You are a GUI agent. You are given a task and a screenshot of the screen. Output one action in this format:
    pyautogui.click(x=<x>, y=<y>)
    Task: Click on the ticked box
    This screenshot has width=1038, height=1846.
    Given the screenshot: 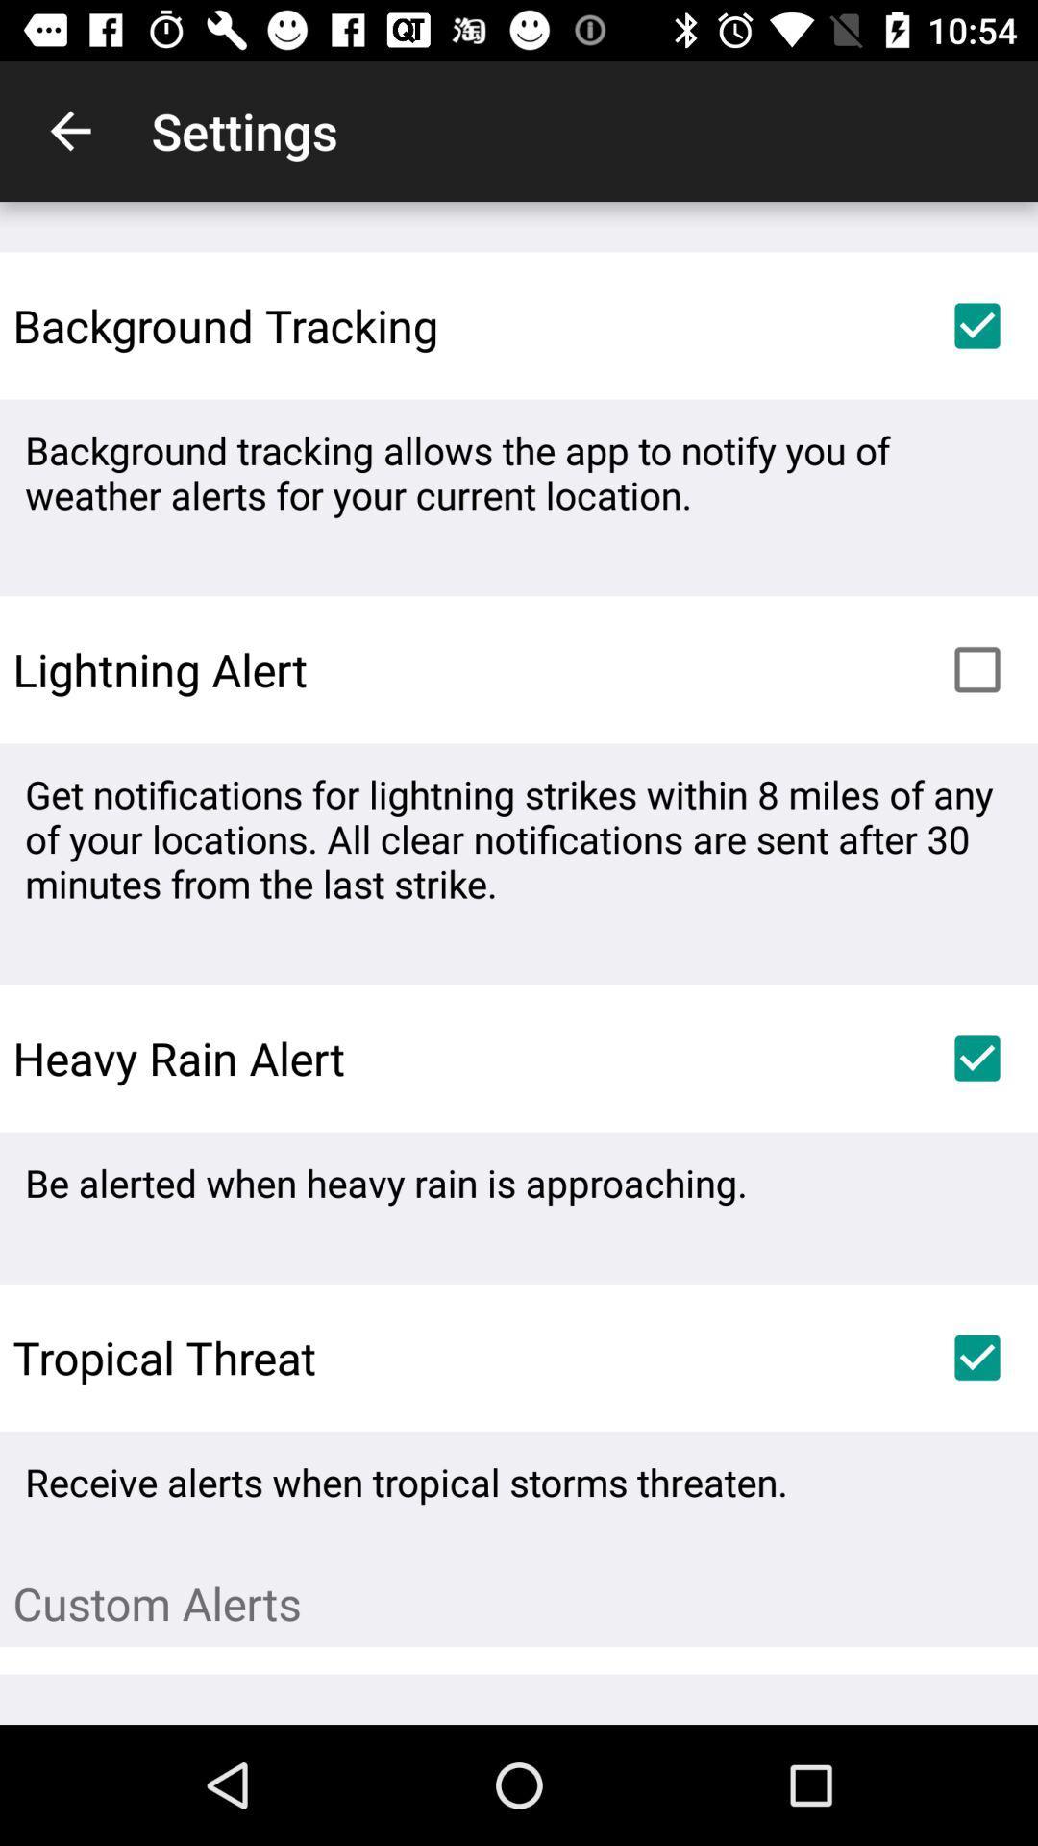 What is the action you would take?
    pyautogui.click(x=977, y=1357)
    